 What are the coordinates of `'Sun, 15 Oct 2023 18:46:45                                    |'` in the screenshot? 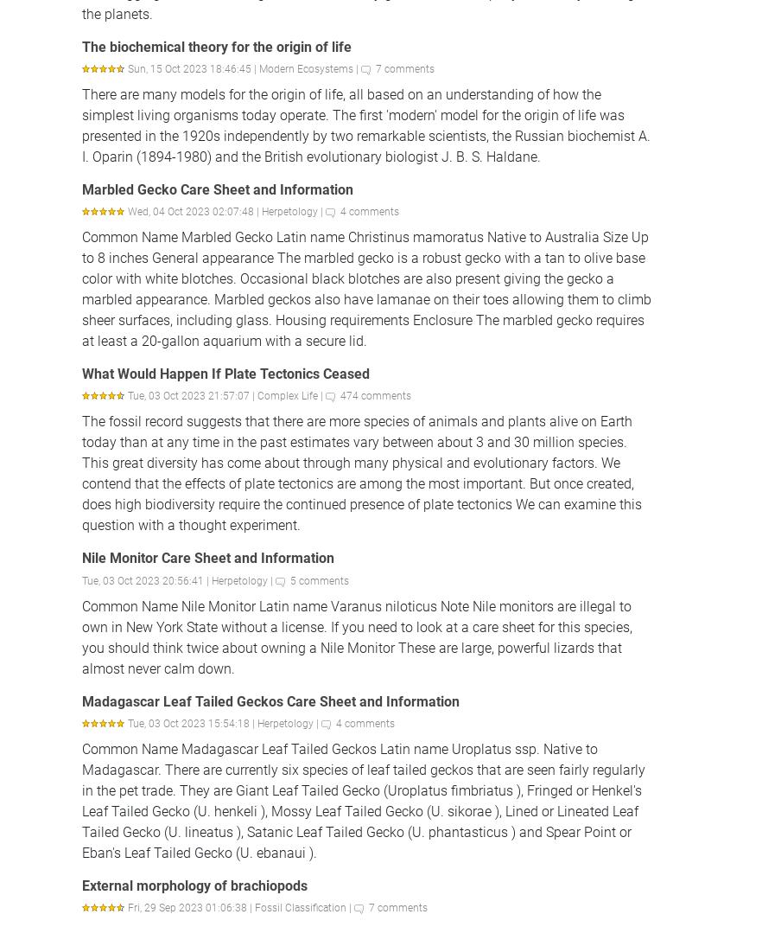 It's located at (194, 68).